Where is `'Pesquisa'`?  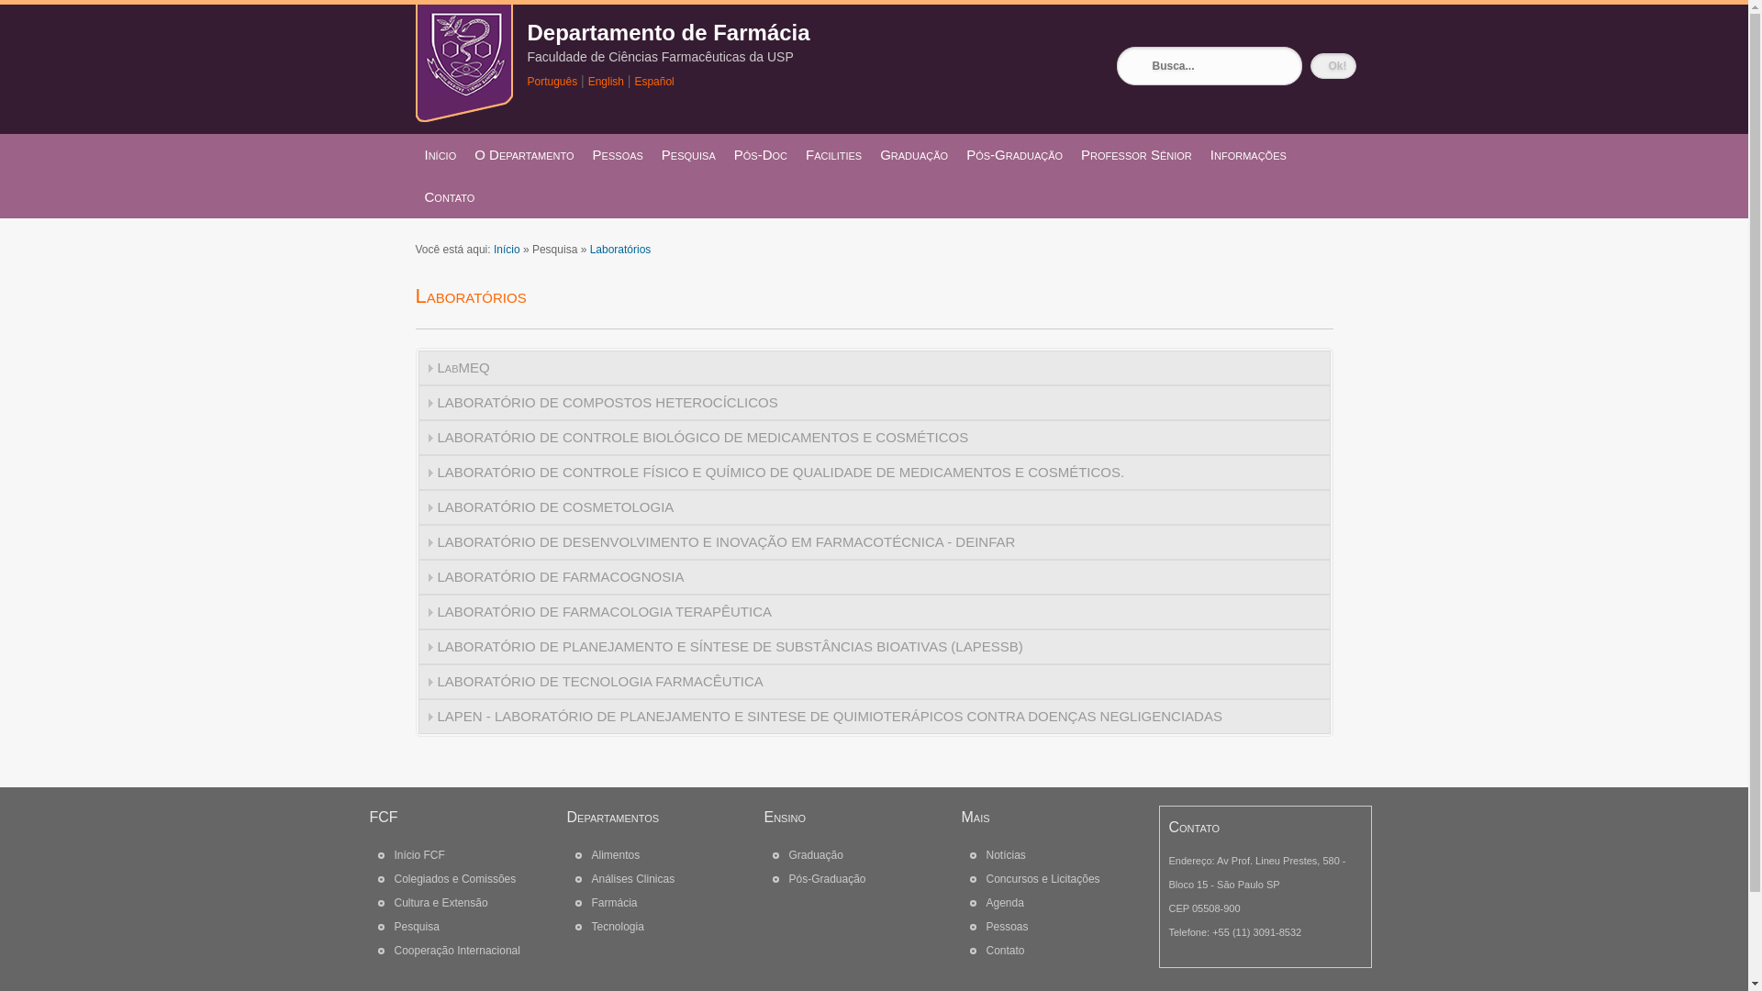
'Pesquisa' is located at coordinates (687, 154).